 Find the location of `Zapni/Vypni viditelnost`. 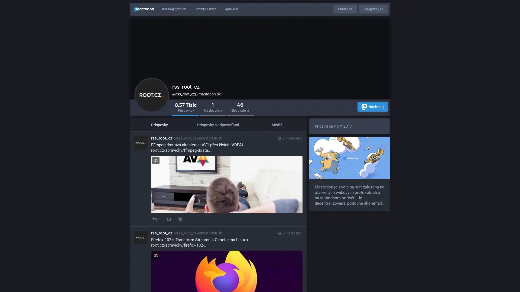

Zapni/Vypni viditelnost is located at coordinates (155, 282).